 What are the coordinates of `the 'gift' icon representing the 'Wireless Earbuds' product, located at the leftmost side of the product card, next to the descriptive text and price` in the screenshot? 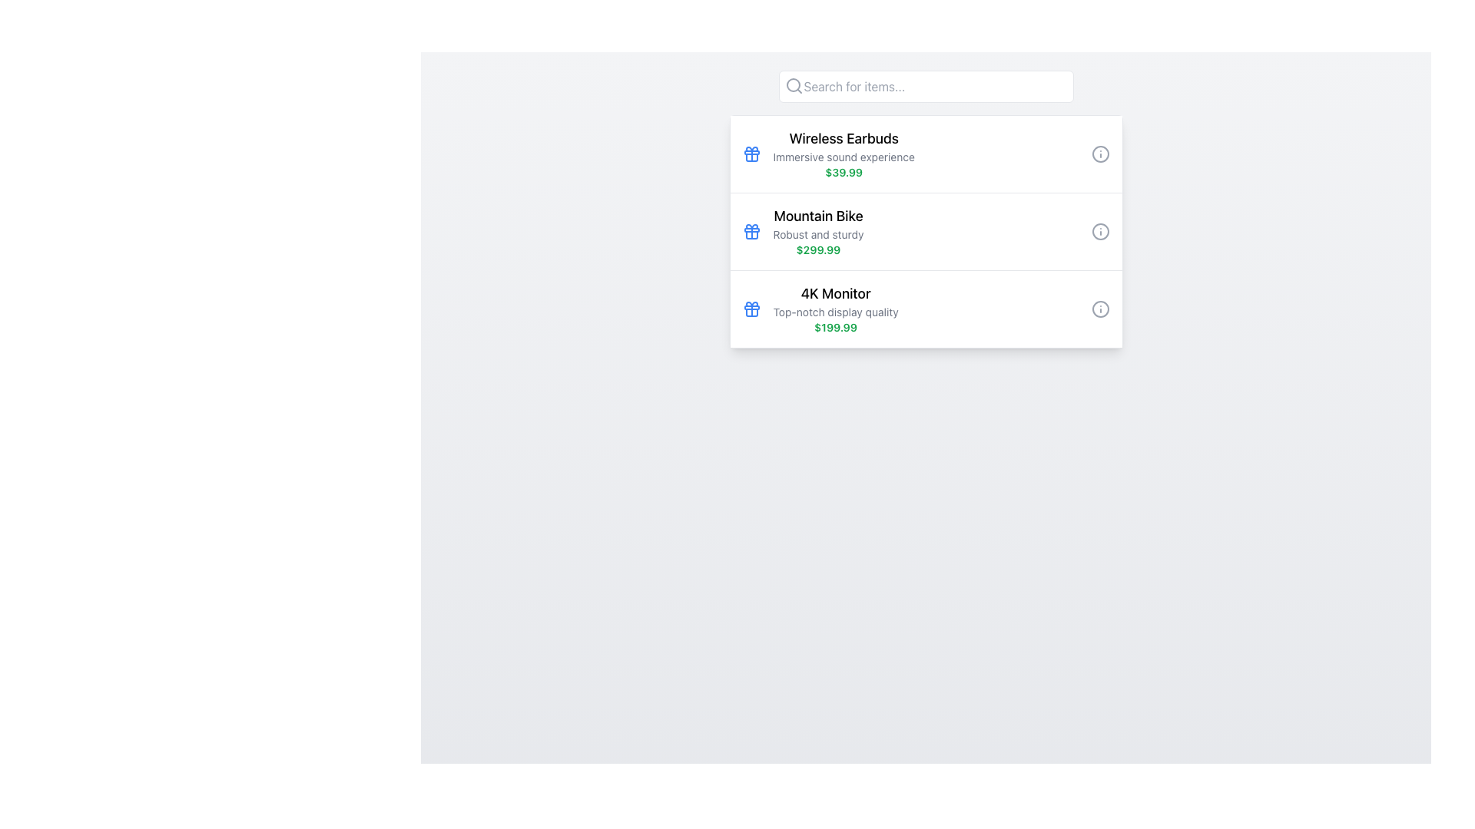 It's located at (751, 154).